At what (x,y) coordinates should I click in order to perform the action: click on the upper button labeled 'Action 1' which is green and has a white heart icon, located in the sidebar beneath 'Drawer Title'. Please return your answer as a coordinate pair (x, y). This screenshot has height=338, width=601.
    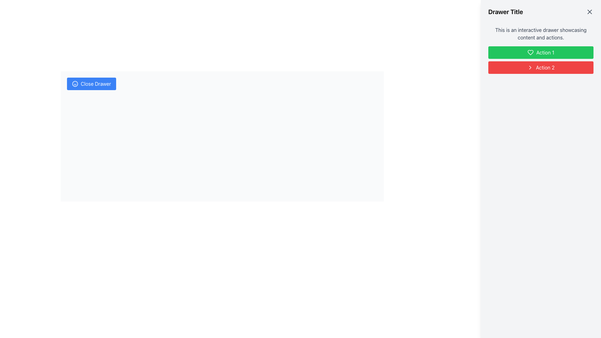
    Looking at the image, I should click on (541, 60).